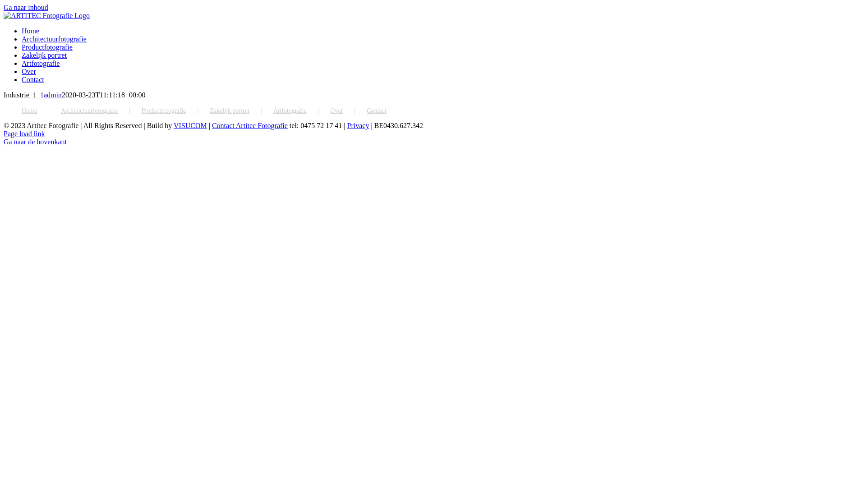  Describe the element at coordinates (26, 7) in the screenshot. I see `'Ga naar inhoud'` at that location.